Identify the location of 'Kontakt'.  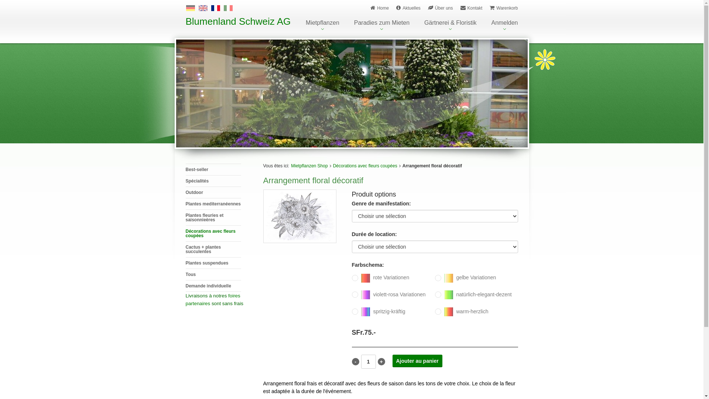
(471, 8).